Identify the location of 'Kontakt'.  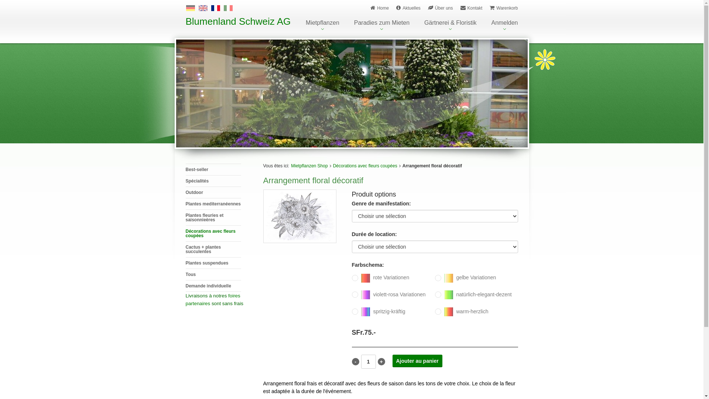
(471, 8).